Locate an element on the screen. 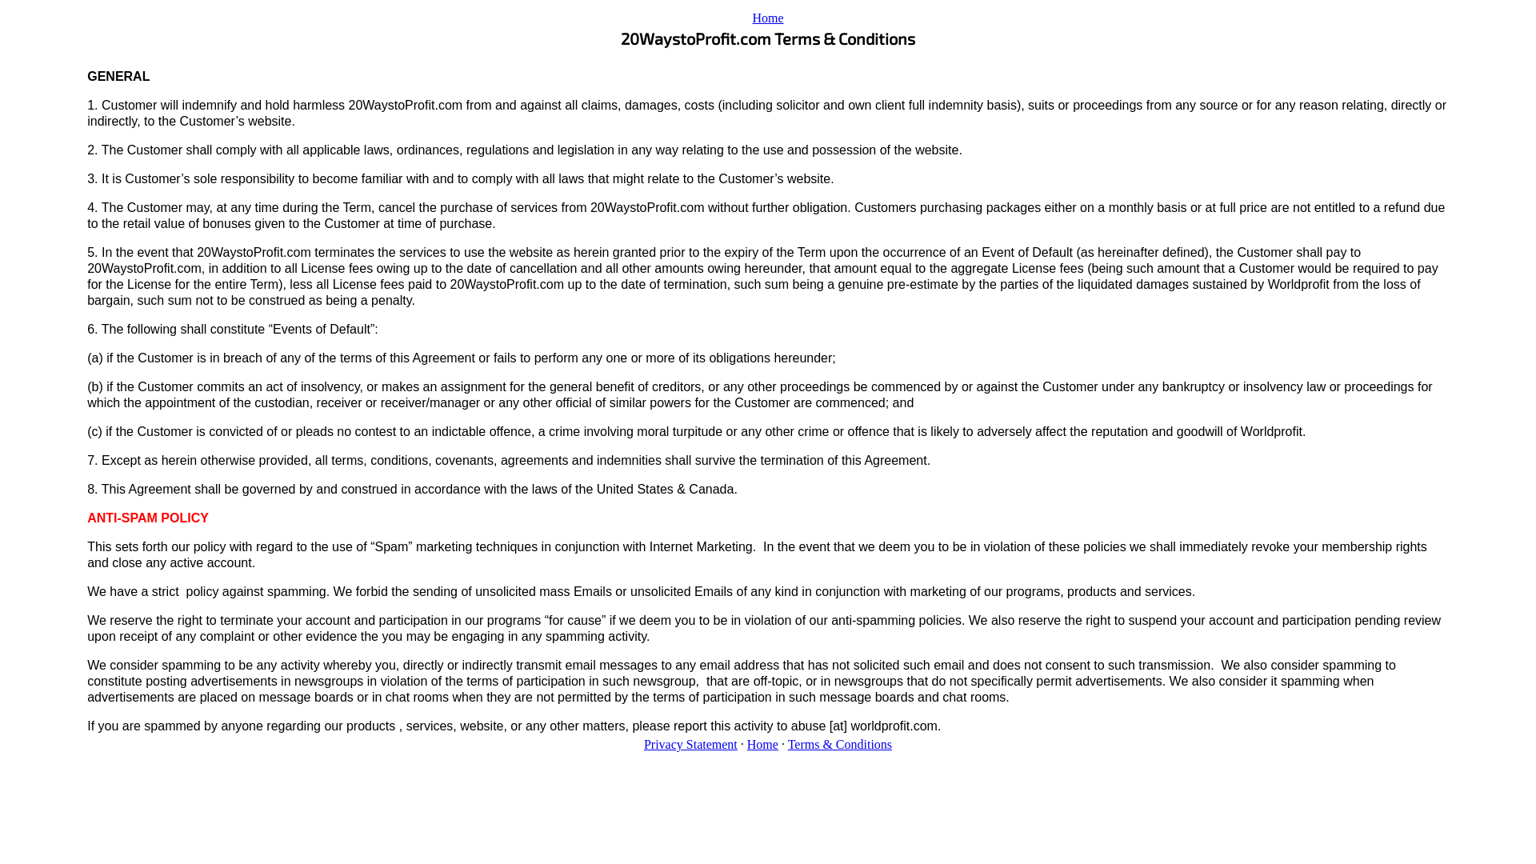 This screenshot has width=1536, height=864. 'Terms & Conditions' is located at coordinates (839, 744).